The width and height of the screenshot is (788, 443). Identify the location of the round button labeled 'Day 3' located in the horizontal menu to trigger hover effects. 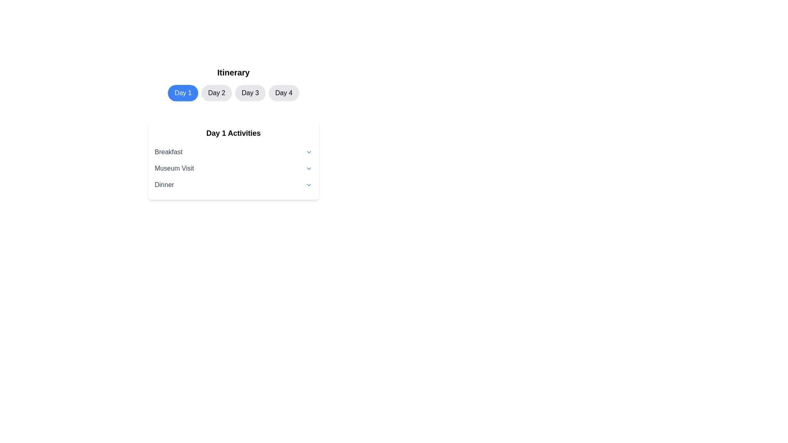
(250, 93).